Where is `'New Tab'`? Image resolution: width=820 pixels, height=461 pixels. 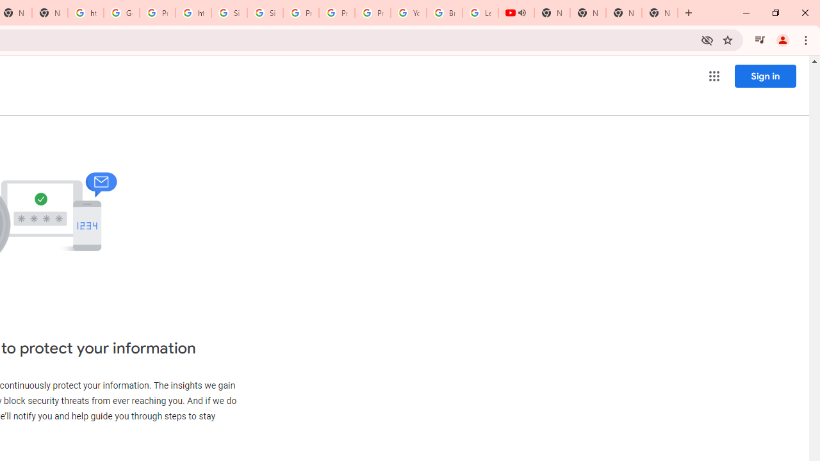
'New Tab' is located at coordinates (624, 13).